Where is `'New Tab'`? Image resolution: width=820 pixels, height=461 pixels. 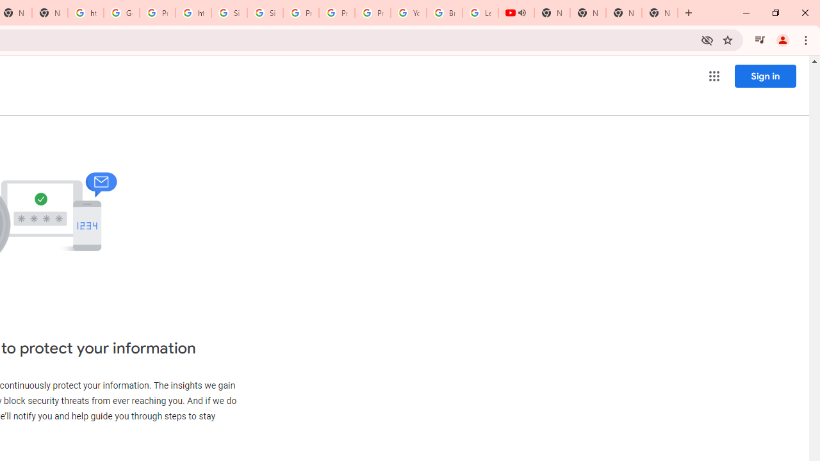
'New Tab' is located at coordinates (624, 13).